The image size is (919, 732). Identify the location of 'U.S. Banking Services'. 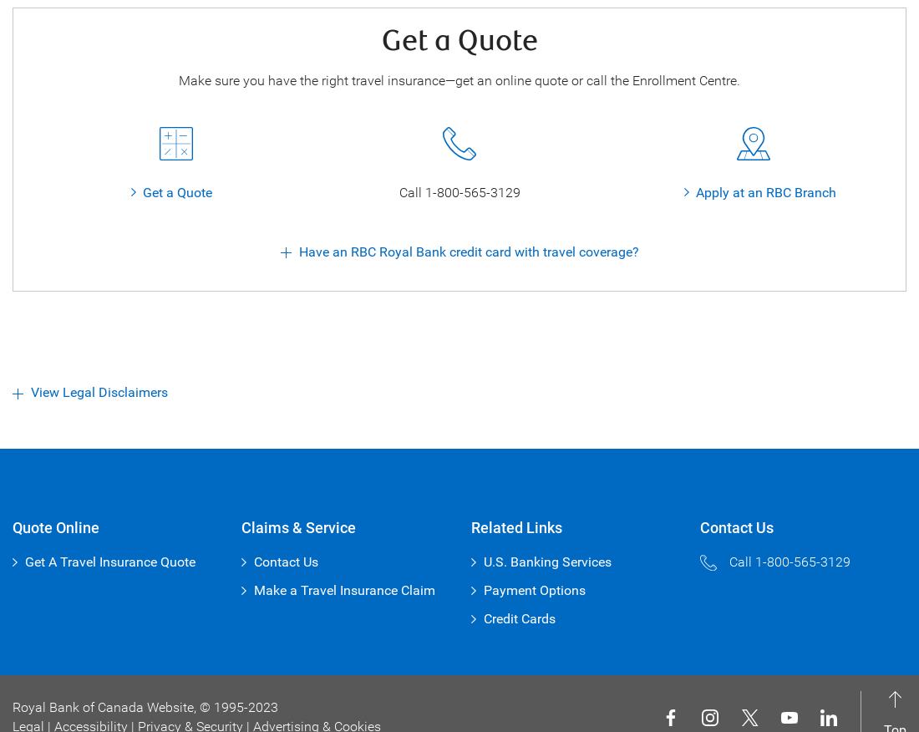
(546, 561).